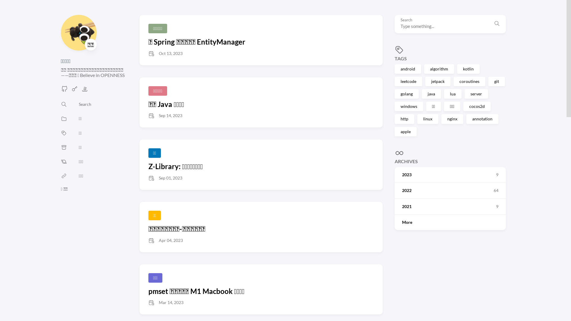  I want to click on 'algorithm', so click(439, 68).